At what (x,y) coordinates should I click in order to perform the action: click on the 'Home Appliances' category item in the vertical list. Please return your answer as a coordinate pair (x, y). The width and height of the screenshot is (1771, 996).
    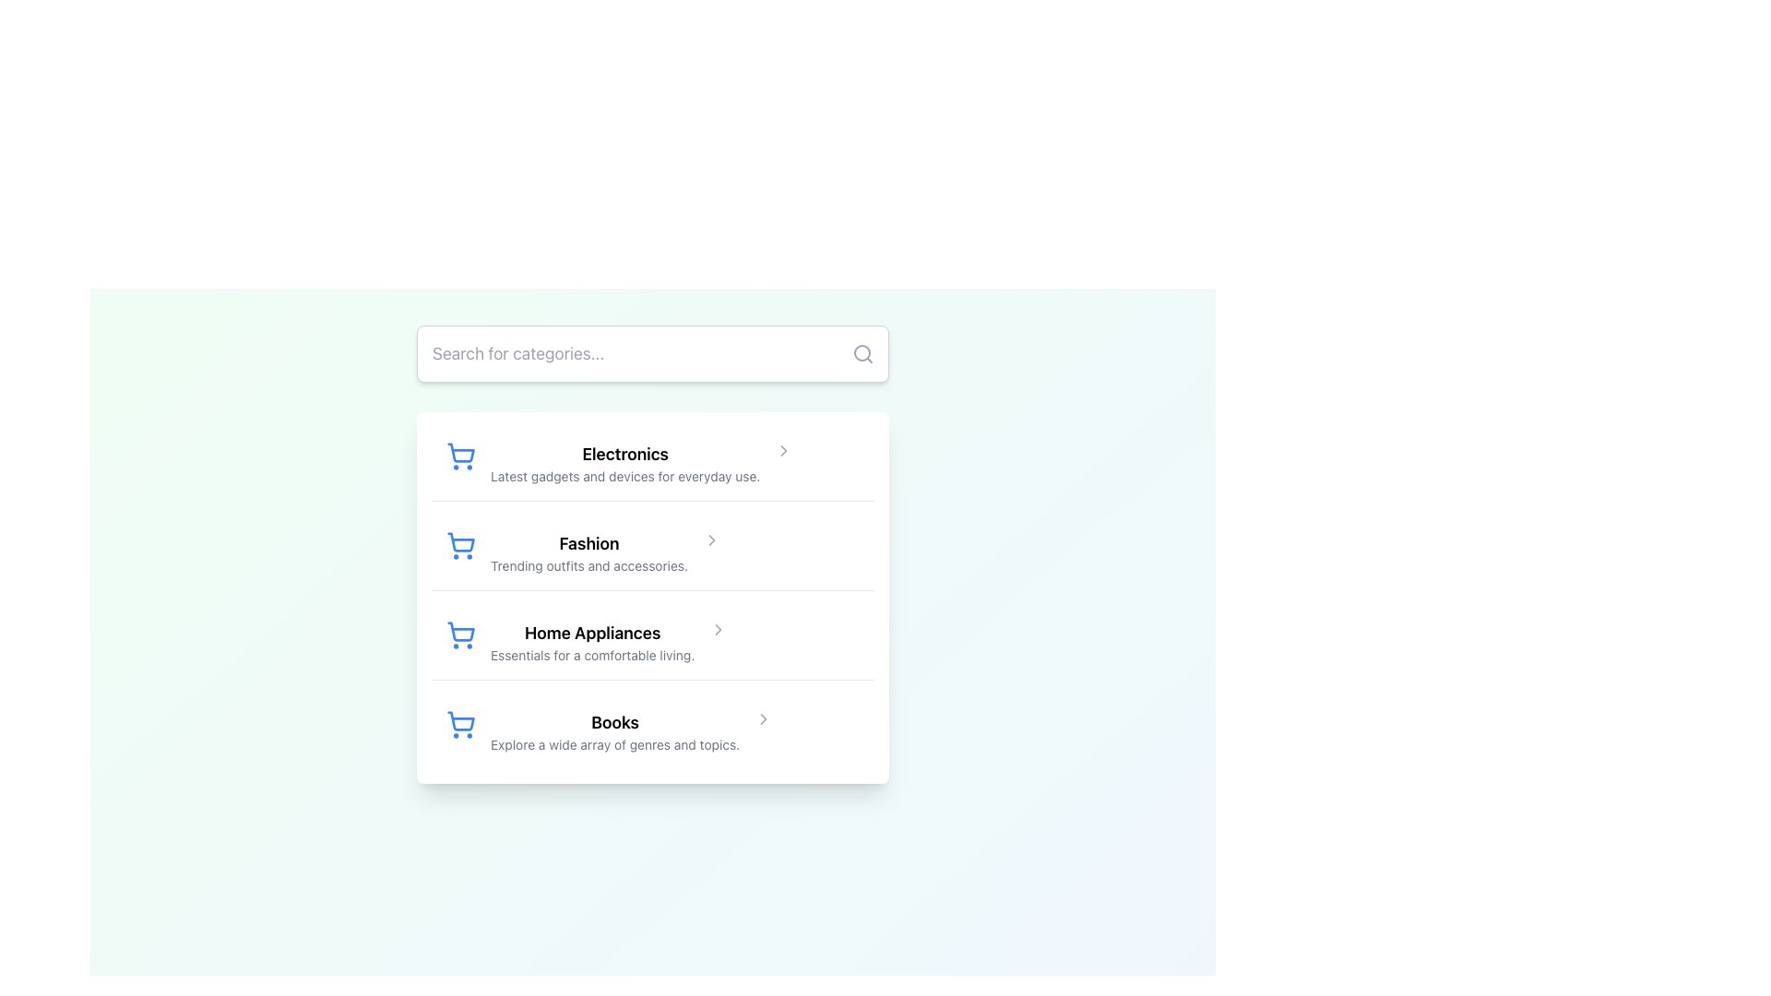
    Looking at the image, I should click on (653, 642).